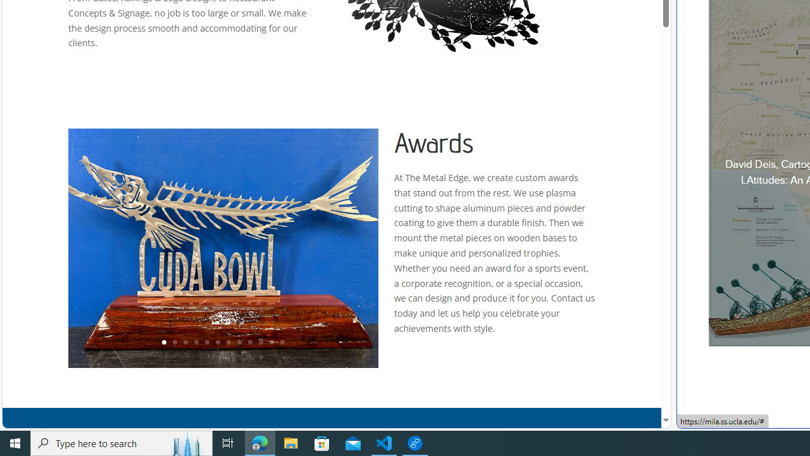 The height and width of the screenshot is (456, 810). What do you see at coordinates (270, 343) in the screenshot?
I see `'11'` at bounding box center [270, 343].